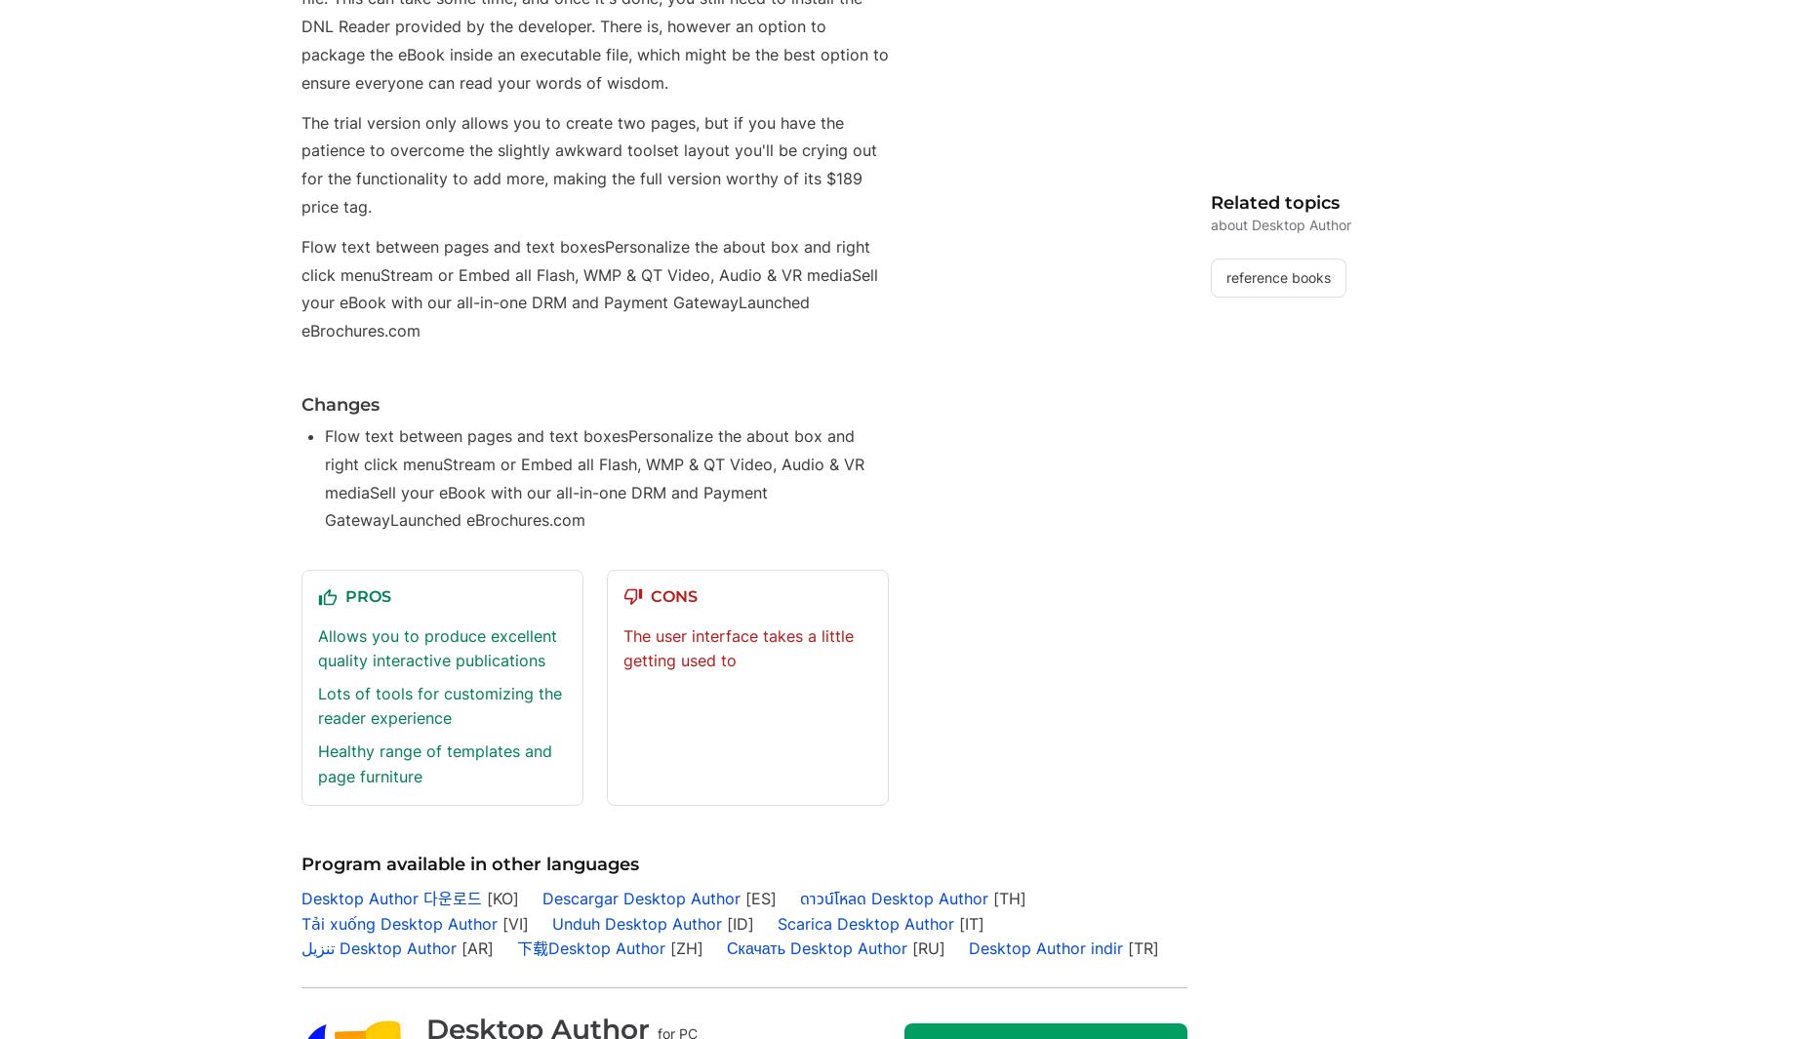 This screenshot has height=1039, width=1805. I want to click on 'Tiếng Việt', so click(388, 180).